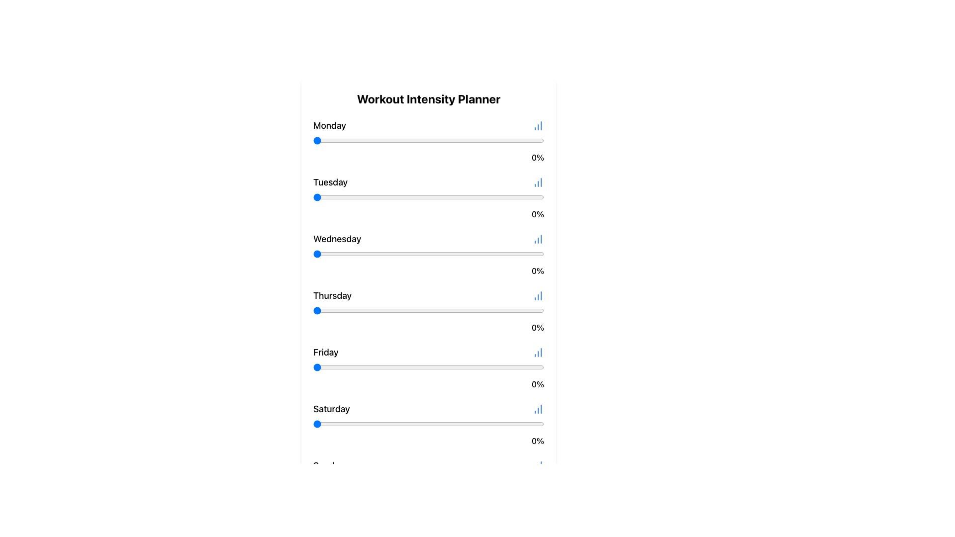 The image size is (955, 537). What do you see at coordinates (429, 125) in the screenshot?
I see `the graphical details of the Row label containing the text 'Monday' in bold font and blue bar chart-like icons, positioned below the header 'Workout Intensity Planner'` at bounding box center [429, 125].